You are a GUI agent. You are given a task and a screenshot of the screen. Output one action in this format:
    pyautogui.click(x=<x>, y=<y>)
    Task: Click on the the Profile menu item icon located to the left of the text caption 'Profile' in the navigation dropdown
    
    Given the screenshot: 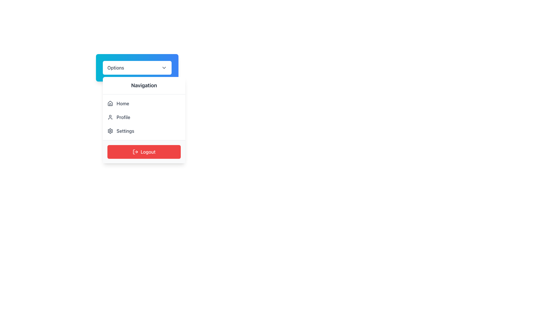 What is the action you would take?
    pyautogui.click(x=110, y=117)
    